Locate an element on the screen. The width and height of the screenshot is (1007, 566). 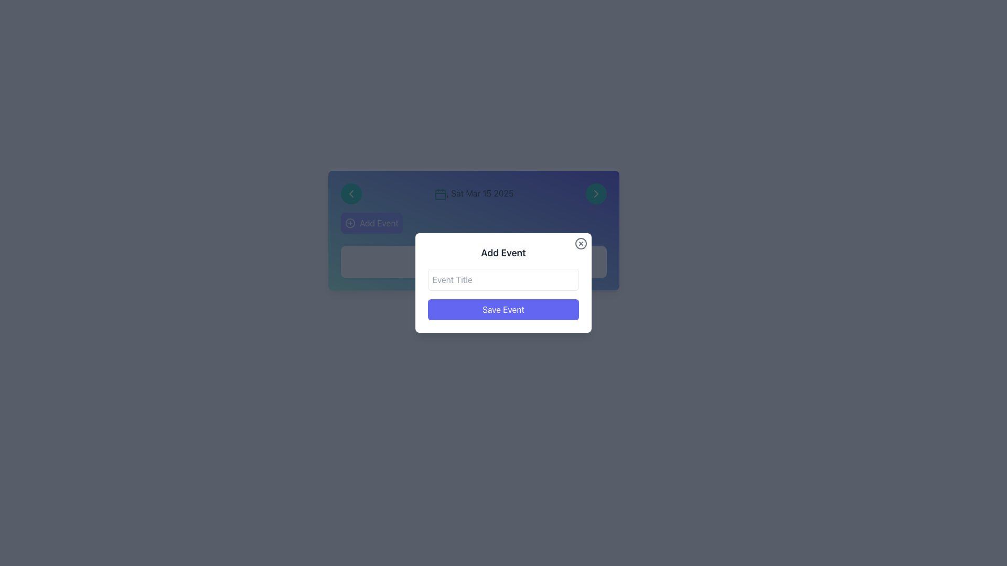
the decorative icon associated with the 'Add Event' button located in the upper-left area of the modal window is located at coordinates (350, 222).